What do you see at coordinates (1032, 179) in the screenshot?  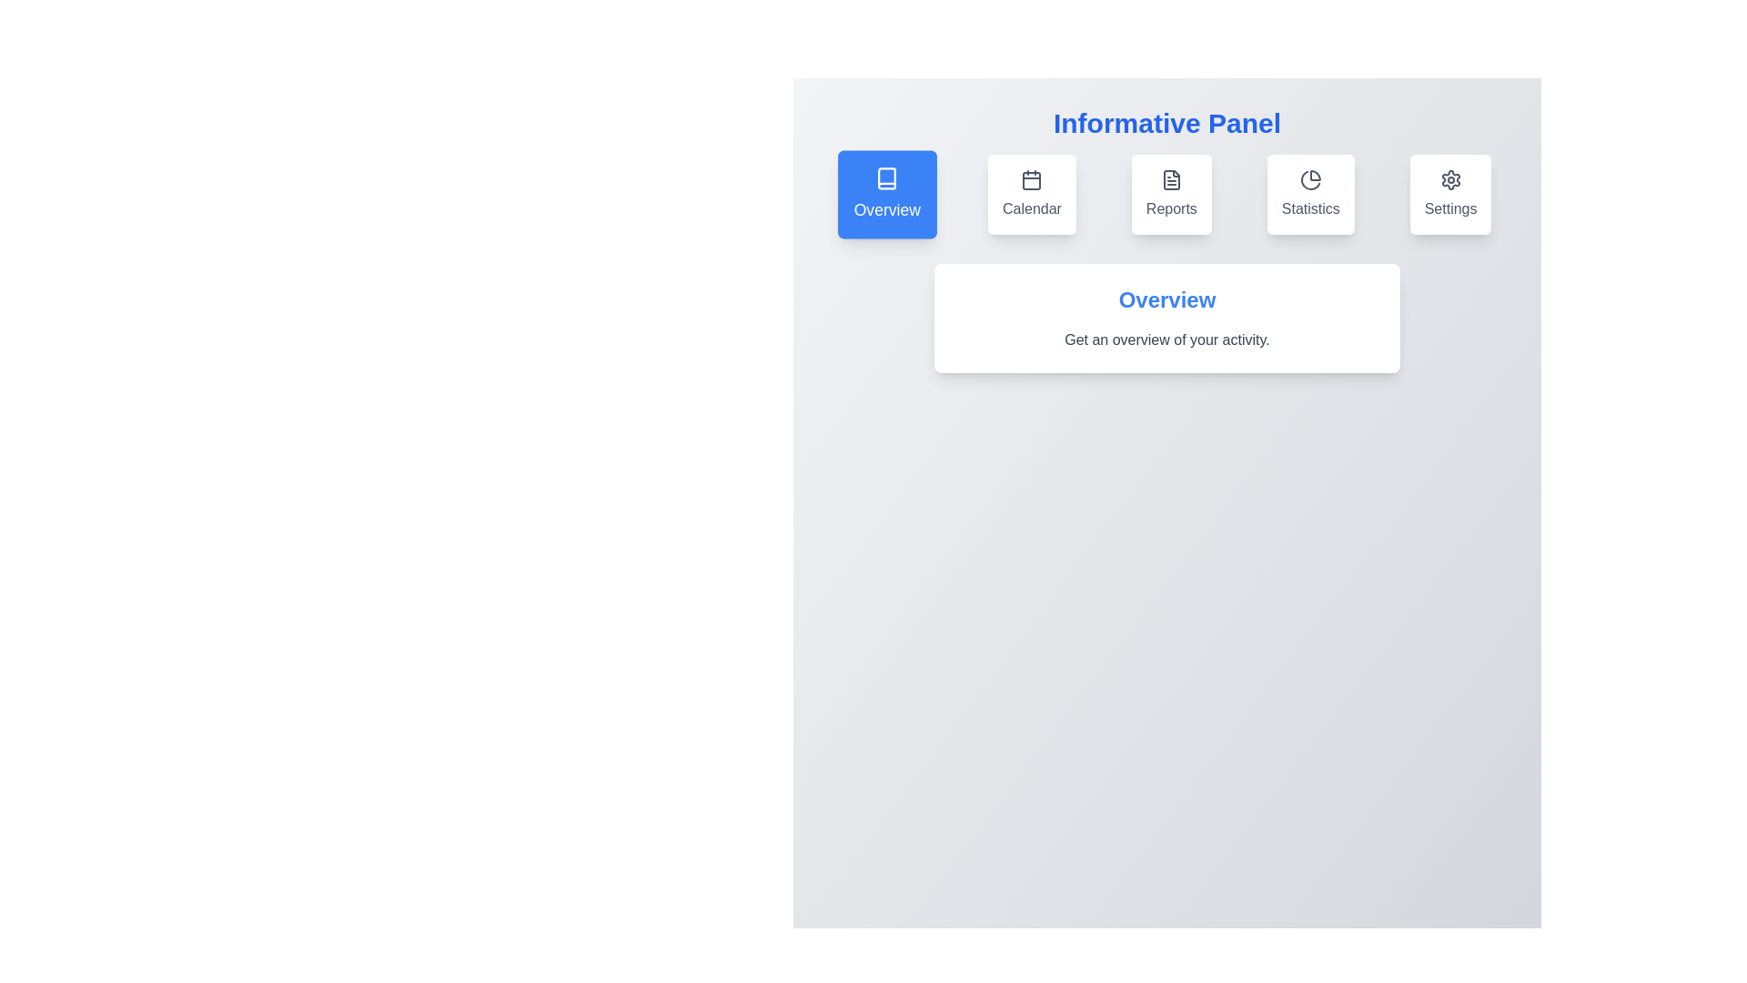 I see `the calendar icon located in the 'Calendar' navigation section` at bounding box center [1032, 179].